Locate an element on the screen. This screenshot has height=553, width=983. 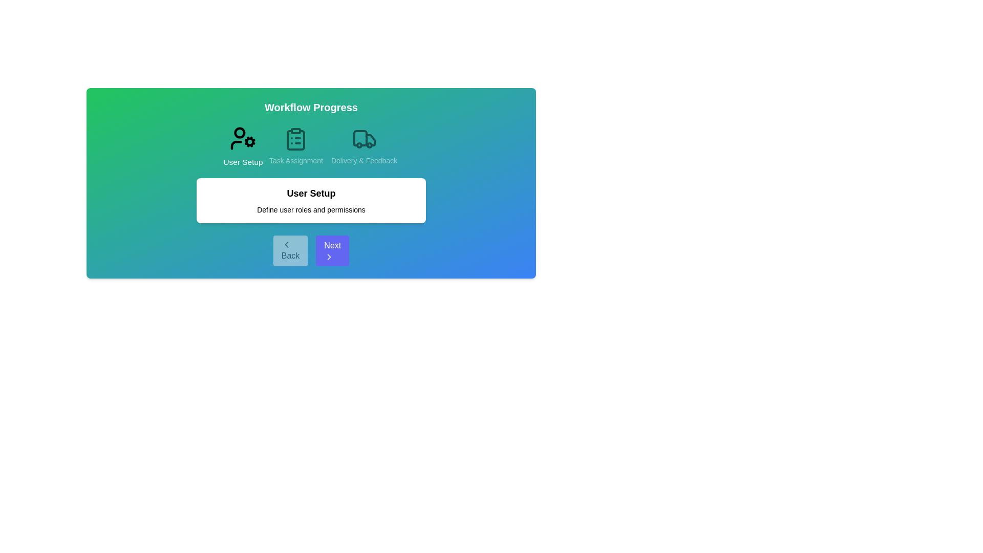
the 'Back' button to navigate to the previous step in the workflow is located at coordinates (290, 250).